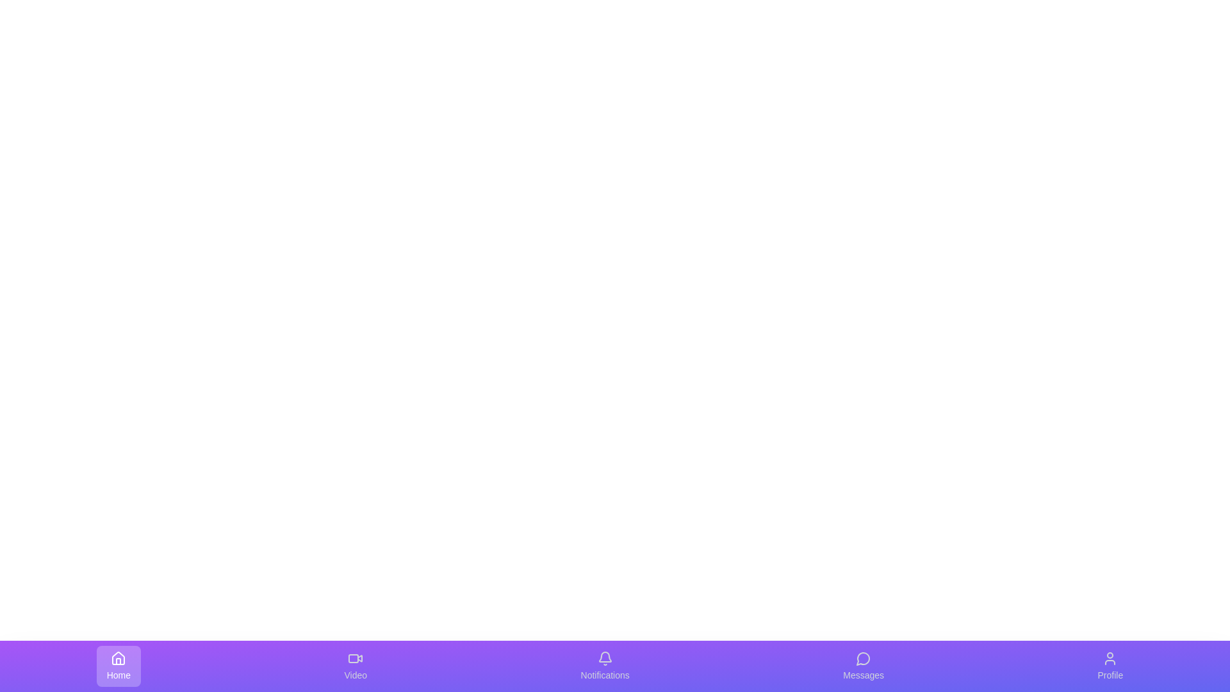 This screenshot has height=692, width=1230. Describe the element at coordinates (1109, 666) in the screenshot. I see `the icon for Profile to trigger visual feedback` at that location.